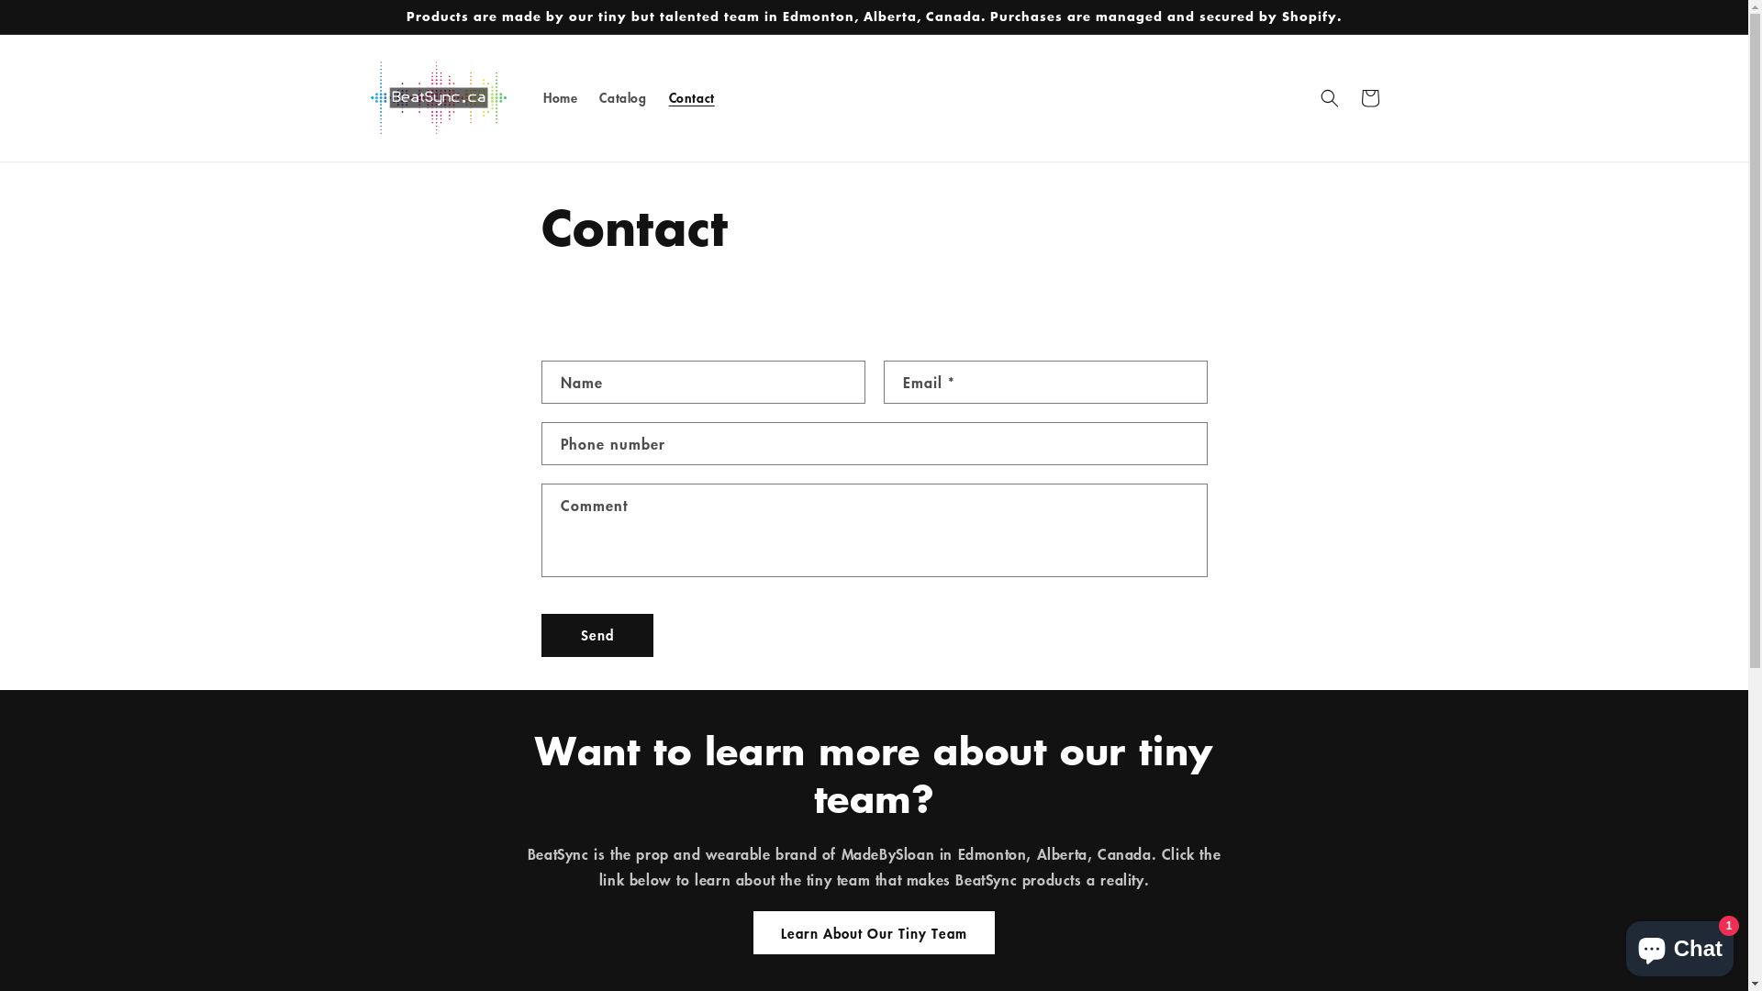  What do you see at coordinates (531, 98) in the screenshot?
I see `'Home'` at bounding box center [531, 98].